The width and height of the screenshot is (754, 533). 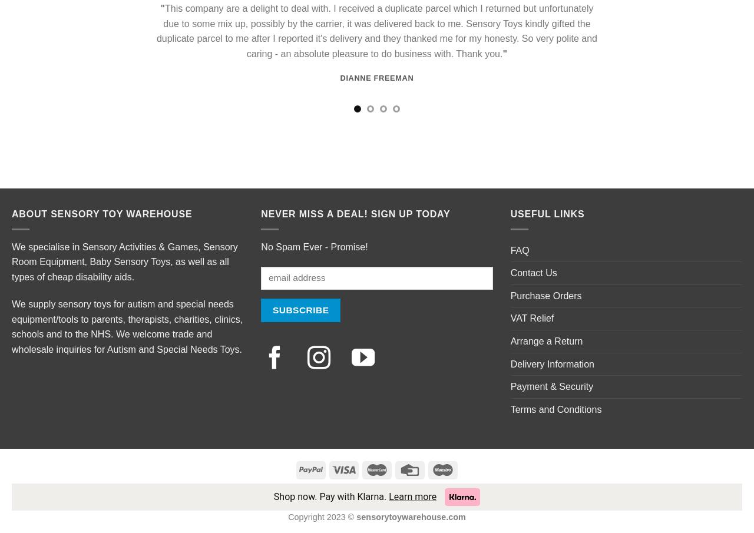 I want to click on 'About Sensory Toy Warehouse', so click(x=102, y=213).